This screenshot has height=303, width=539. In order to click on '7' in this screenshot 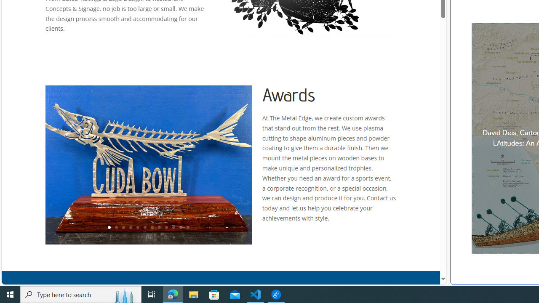, I will do `click(152, 228)`.